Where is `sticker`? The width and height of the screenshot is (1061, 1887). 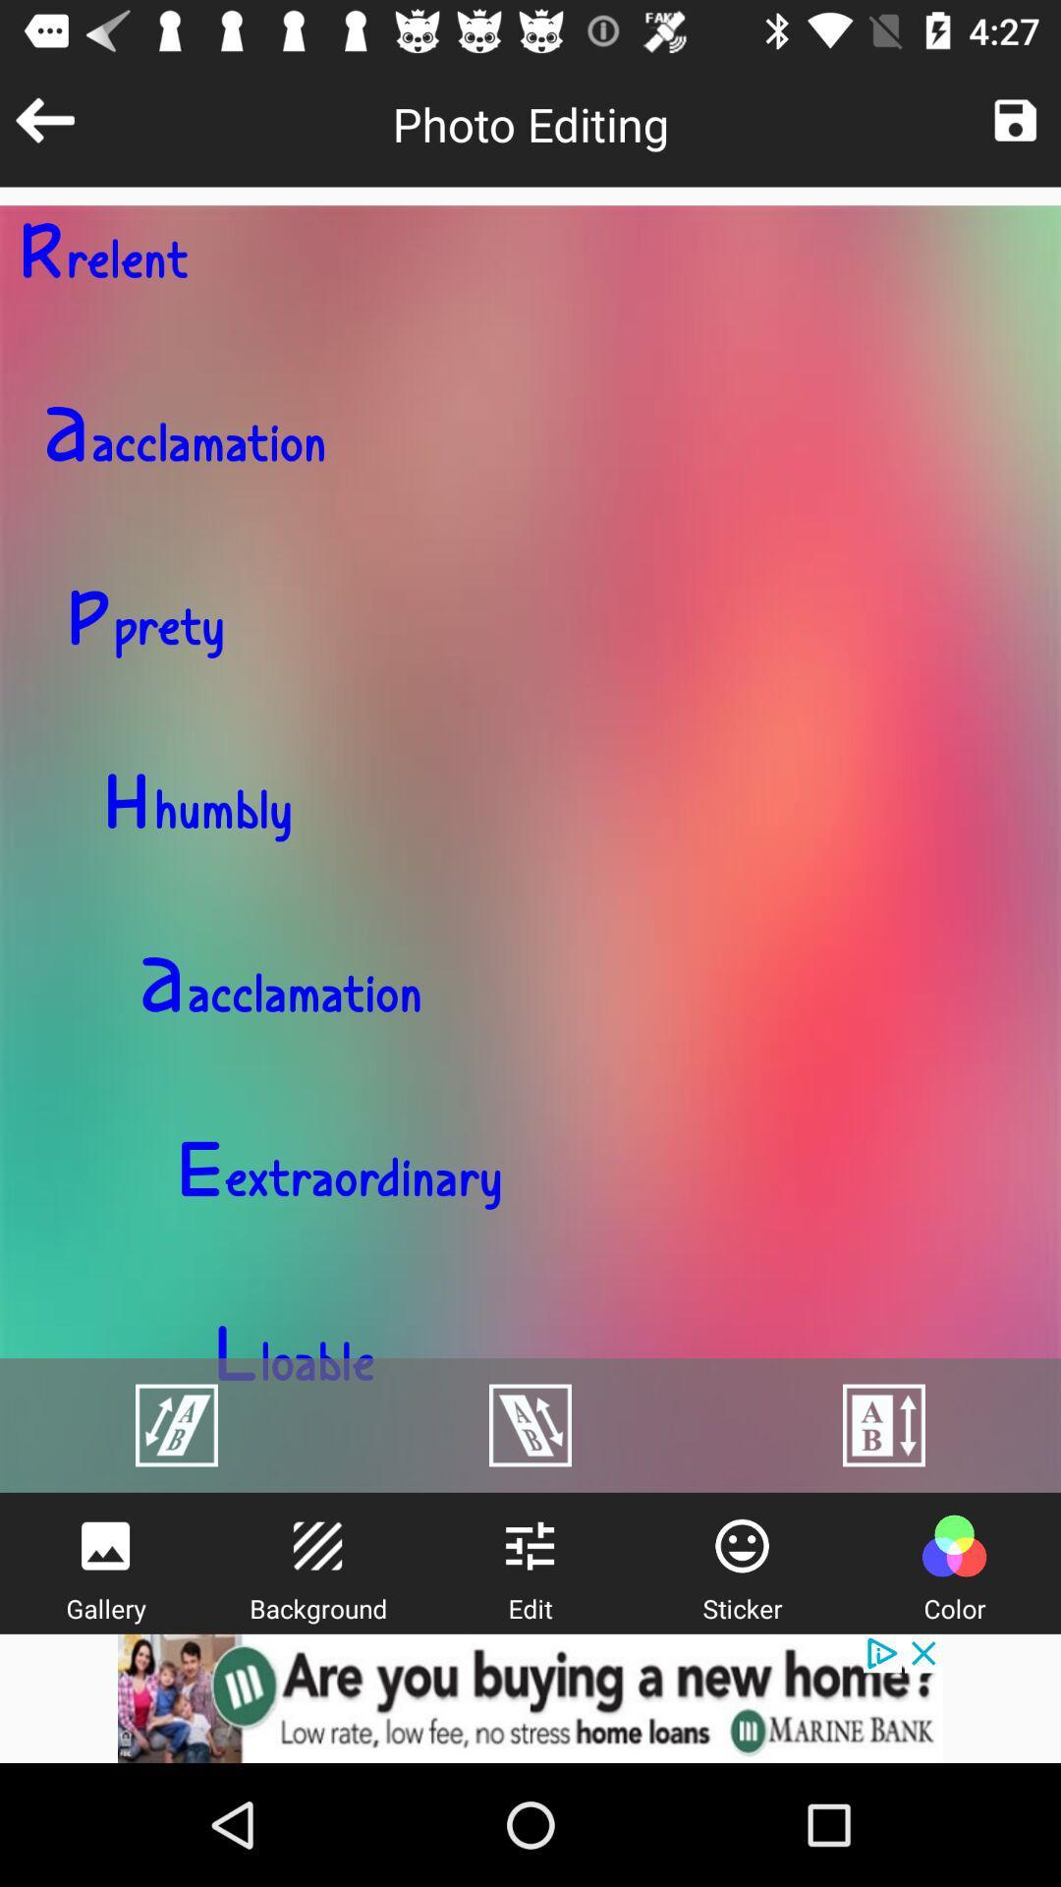 sticker is located at coordinates (742, 1545).